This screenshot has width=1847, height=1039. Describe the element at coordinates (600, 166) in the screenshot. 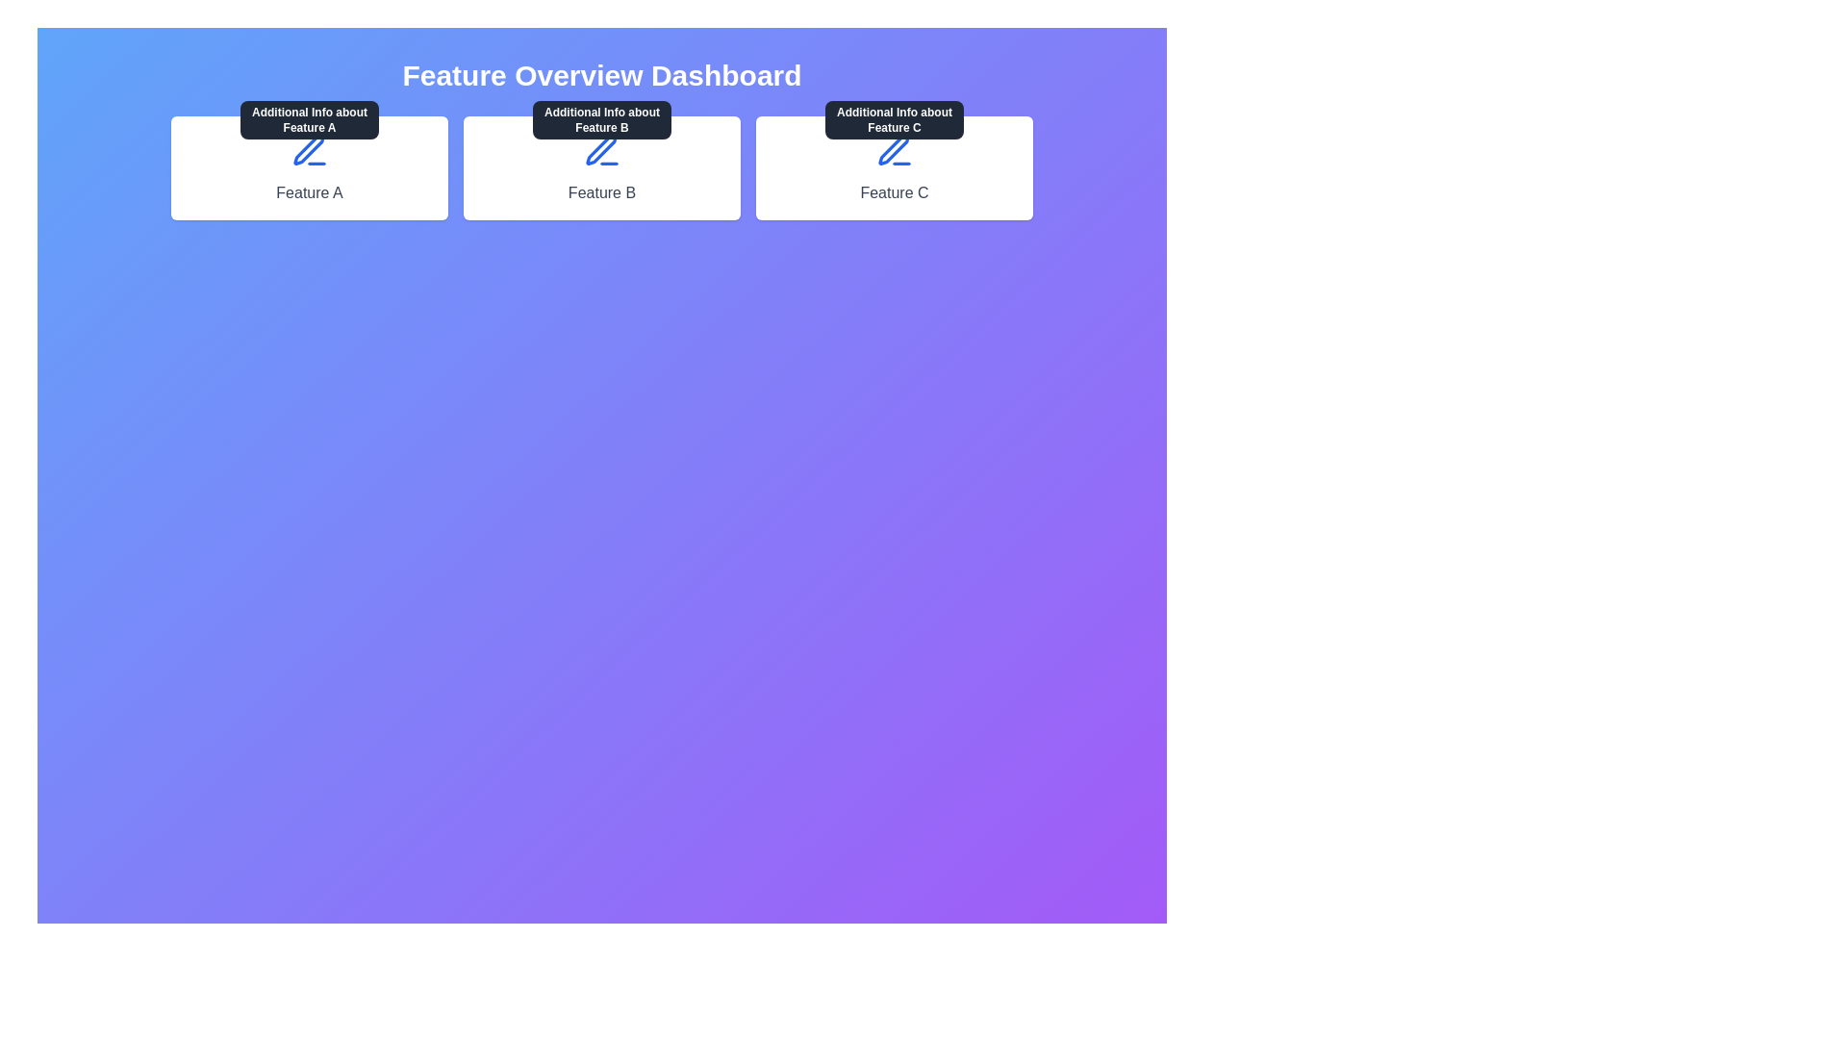

I see `the card component labeled 'Feature B', which is the second card in a 3-column grid layout under 'Feature Overview Dashboard'` at that location.